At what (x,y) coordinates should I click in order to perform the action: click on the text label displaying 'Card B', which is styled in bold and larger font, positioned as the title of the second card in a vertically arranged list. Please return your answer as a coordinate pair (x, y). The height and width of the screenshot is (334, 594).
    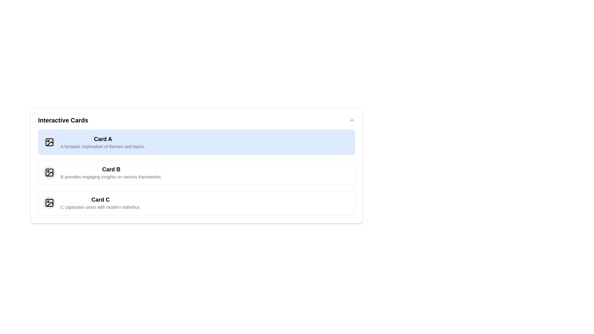
    Looking at the image, I should click on (111, 169).